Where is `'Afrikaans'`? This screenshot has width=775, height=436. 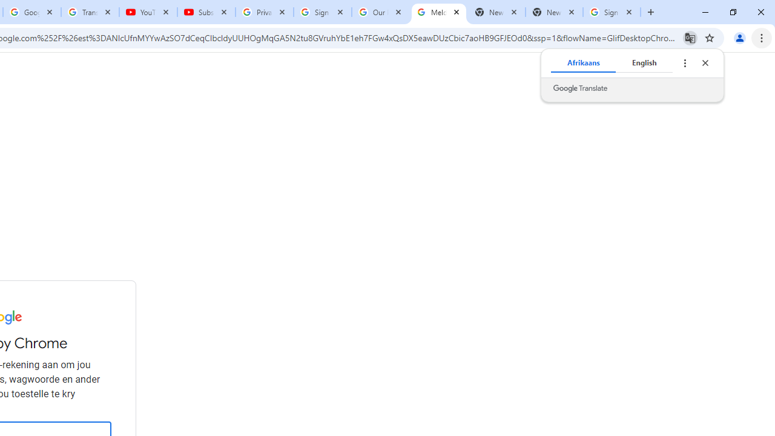 'Afrikaans' is located at coordinates (583, 63).